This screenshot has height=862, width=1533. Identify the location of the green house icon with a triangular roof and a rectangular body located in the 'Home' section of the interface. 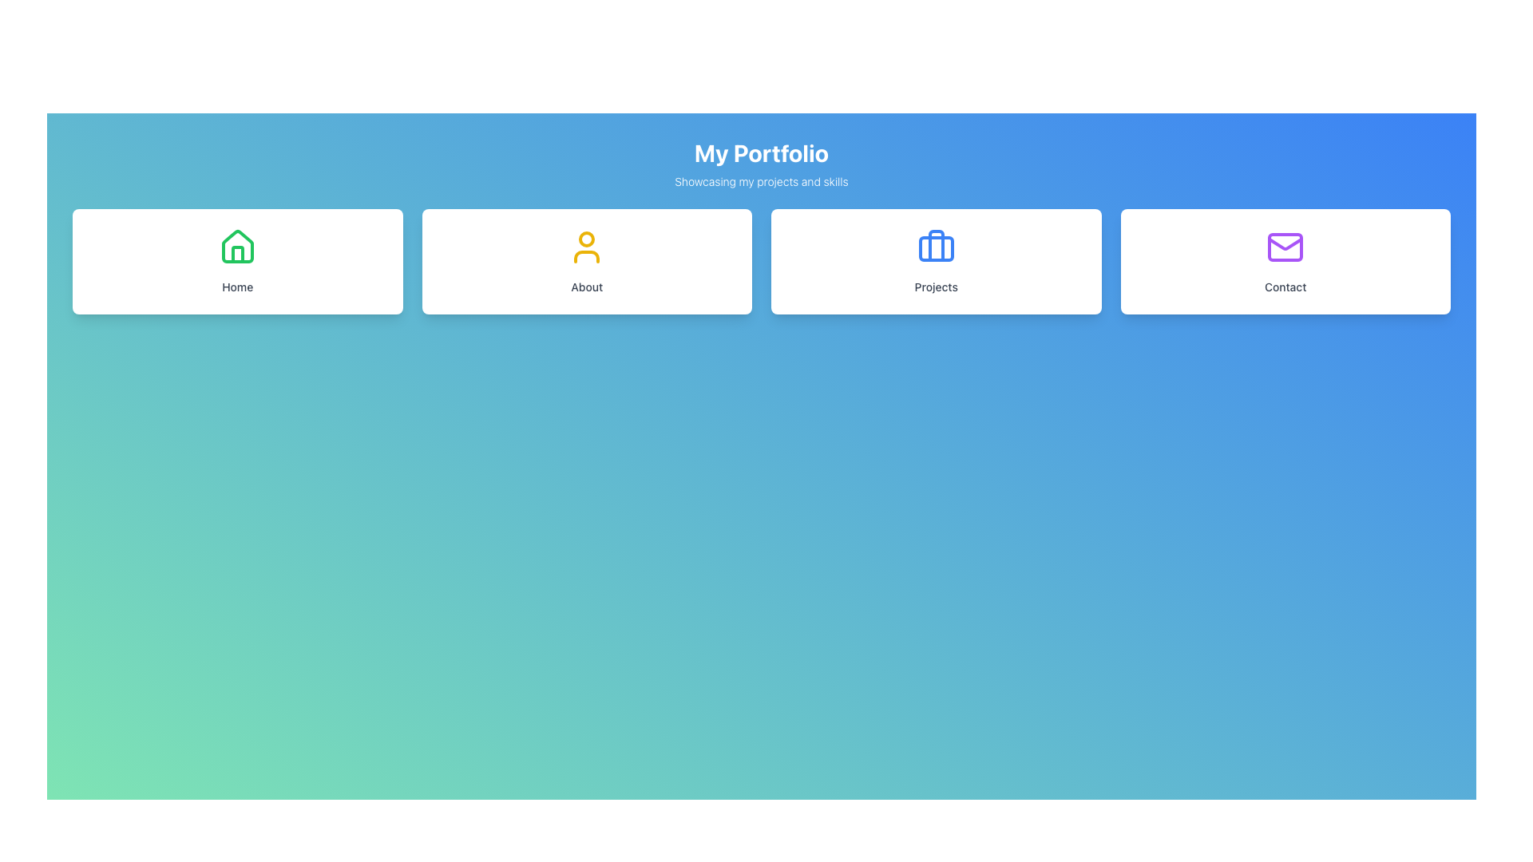
(236, 246).